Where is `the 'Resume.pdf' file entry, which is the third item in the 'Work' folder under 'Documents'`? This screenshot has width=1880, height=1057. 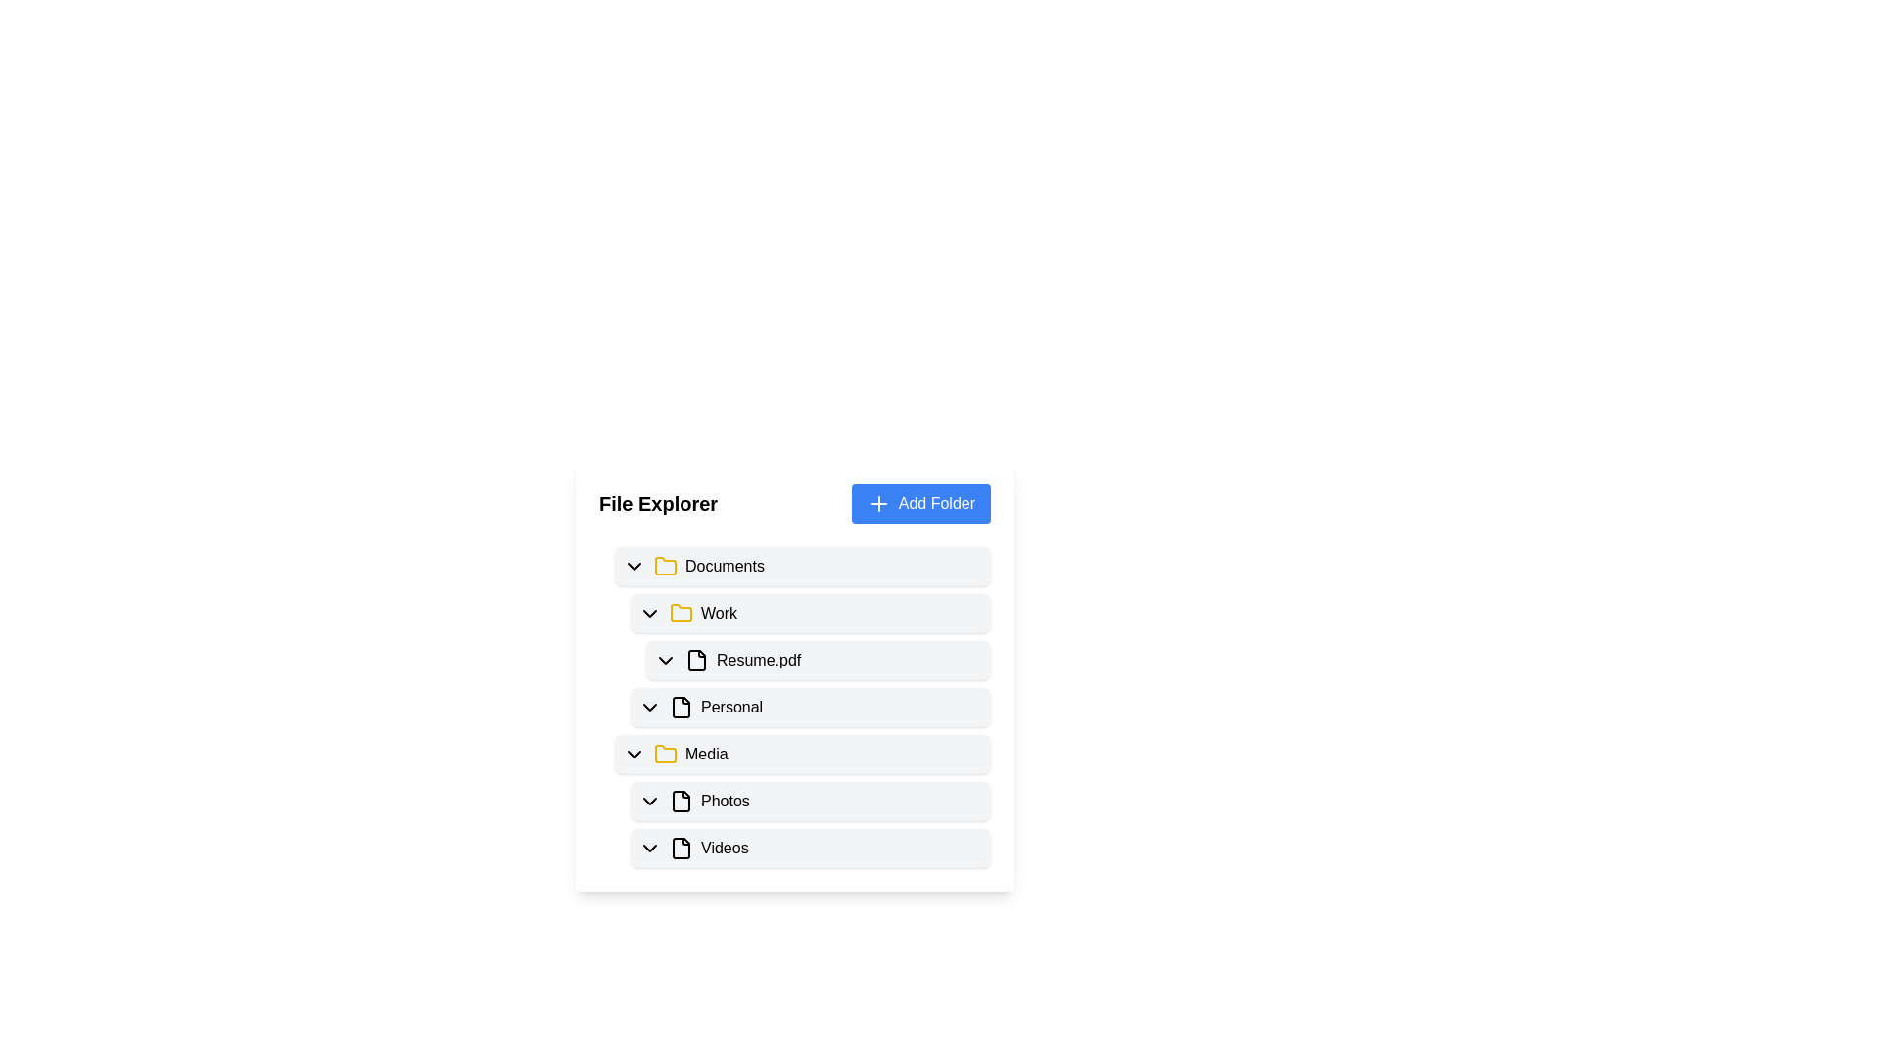 the 'Resume.pdf' file entry, which is the third item in the 'Work' folder under 'Documents' is located at coordinates (818, 661).